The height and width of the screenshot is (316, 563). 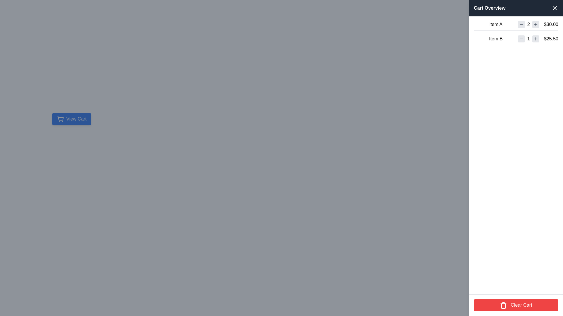 I want to click on the small plus icon button located in the 'Cart Overview' section, which is the rightmost component in the row with 'Item B', to increment the quantity of the item, so click(x=536, y=39).